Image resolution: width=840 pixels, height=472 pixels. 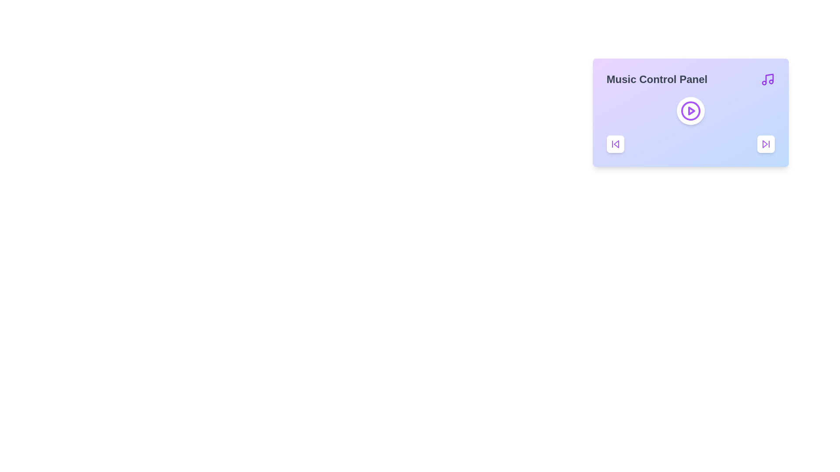 I want to click on the Play button, which is a circular icon with a purple outline and a central play button, located in the center of the Music Control Panel interface, so click(x=690, y=111).